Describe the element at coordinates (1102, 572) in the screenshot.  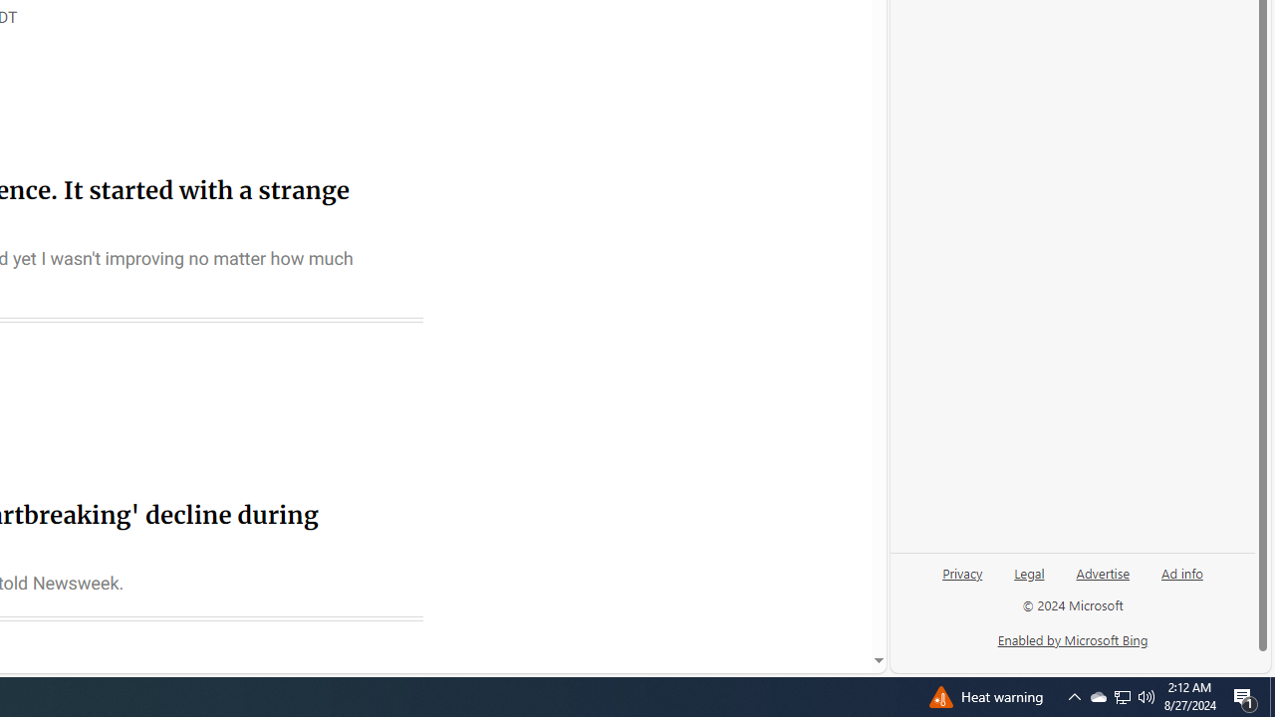
I see `'Advertise'` at that location.